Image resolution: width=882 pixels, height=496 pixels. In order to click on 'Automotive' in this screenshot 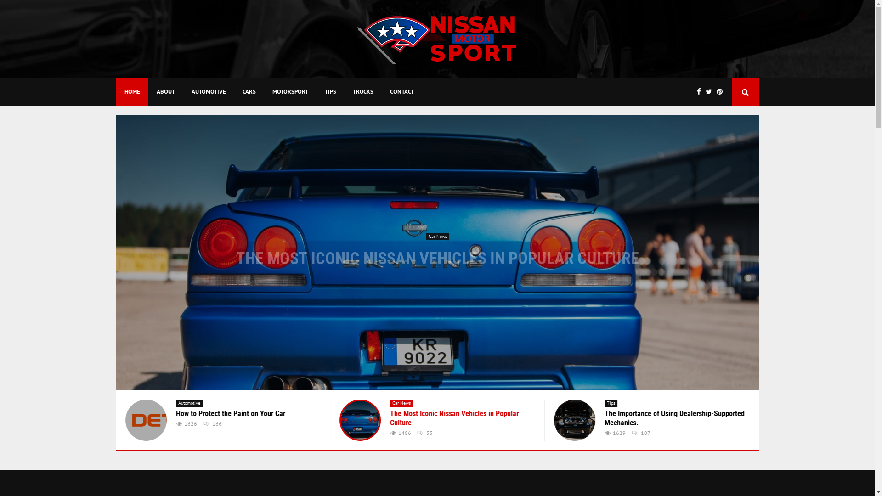, I will do `click(175, 403)`.